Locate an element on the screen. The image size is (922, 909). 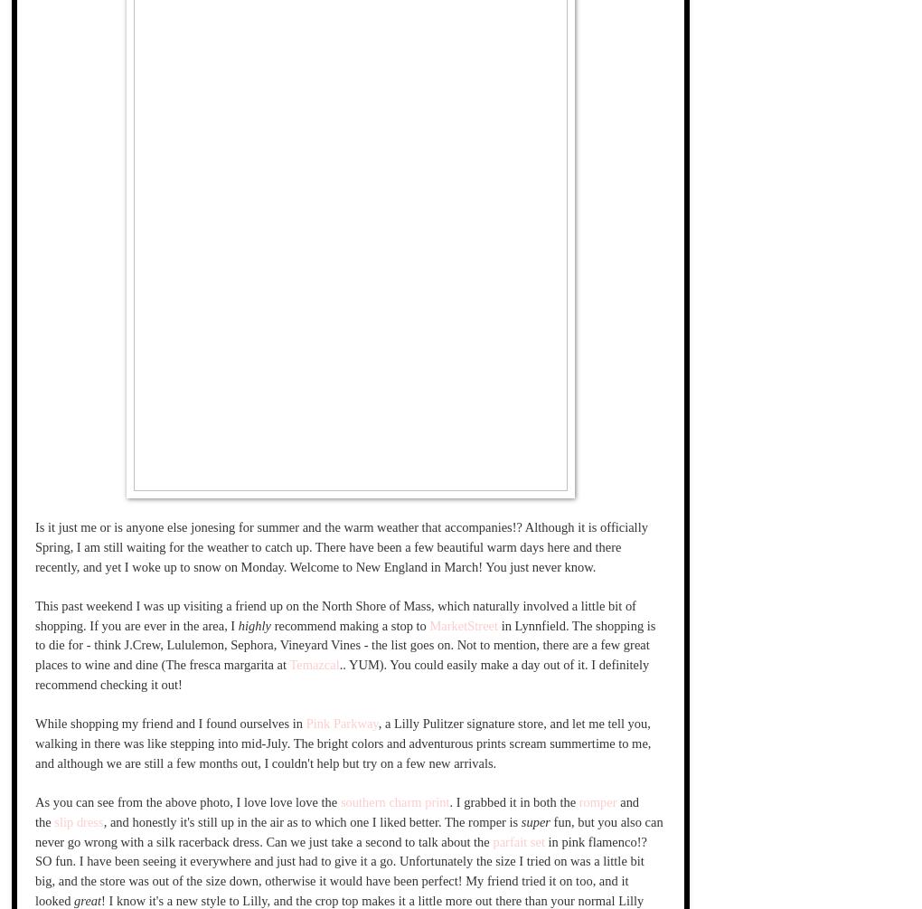
'As you can see from the above photo, I love love love the' is located at coordinates (186, 801).